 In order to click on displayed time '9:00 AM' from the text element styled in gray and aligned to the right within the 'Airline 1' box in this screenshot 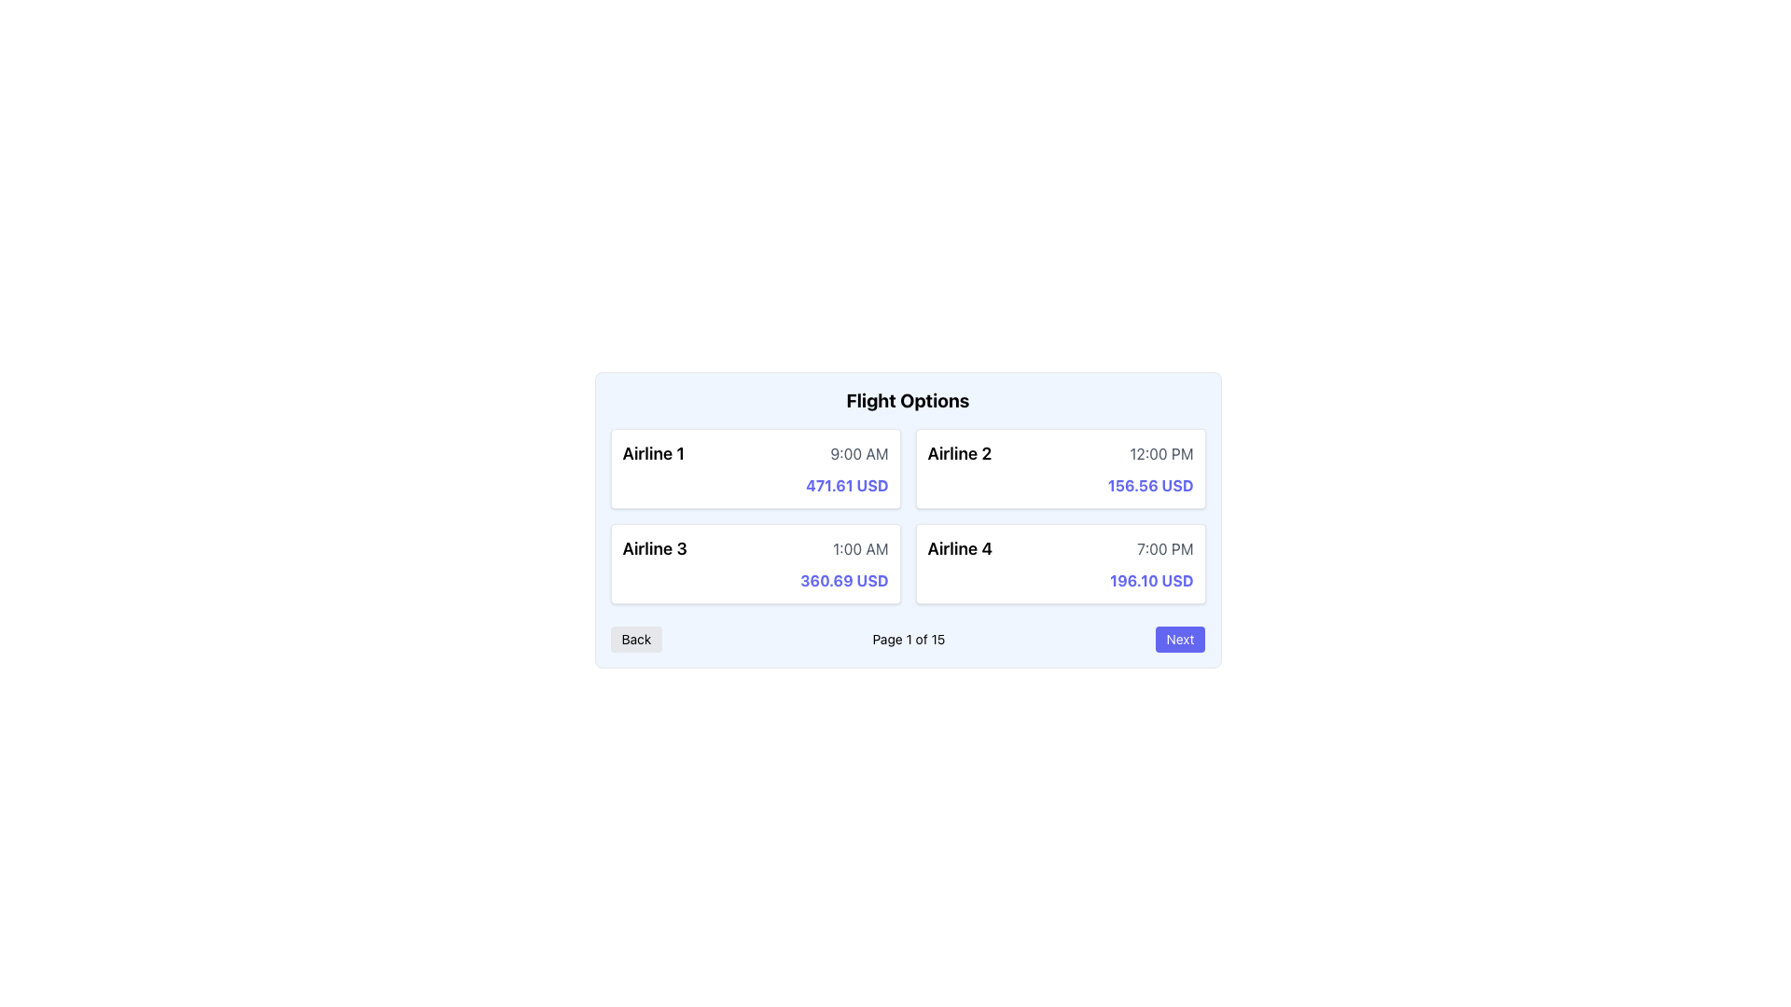, I will do `click(858, 453)`.